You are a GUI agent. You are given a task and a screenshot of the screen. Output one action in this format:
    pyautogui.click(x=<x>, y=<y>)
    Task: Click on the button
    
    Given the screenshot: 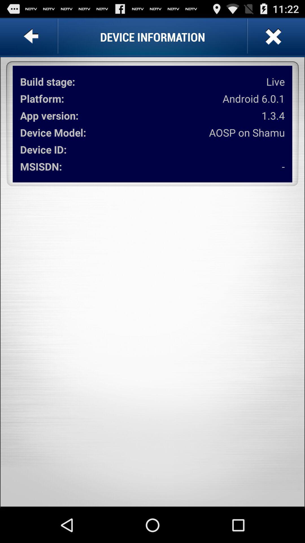 What is the action you would take?
    pyautogui.click(x=272, y=36)
    